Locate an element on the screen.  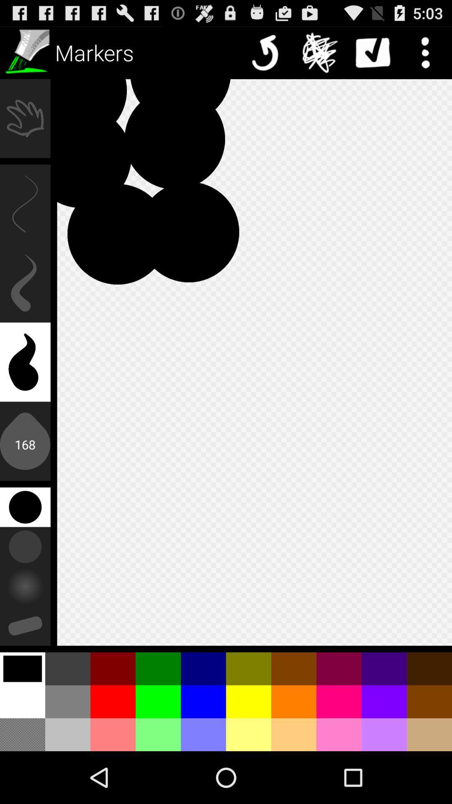
the color between white and red at the left side bottom of the page is located at coordinates (67, 701).